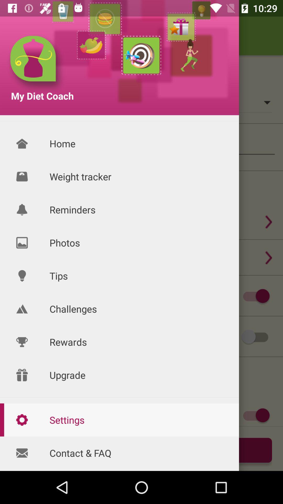  I want to click on the second arrow icon, so click(269, 258).